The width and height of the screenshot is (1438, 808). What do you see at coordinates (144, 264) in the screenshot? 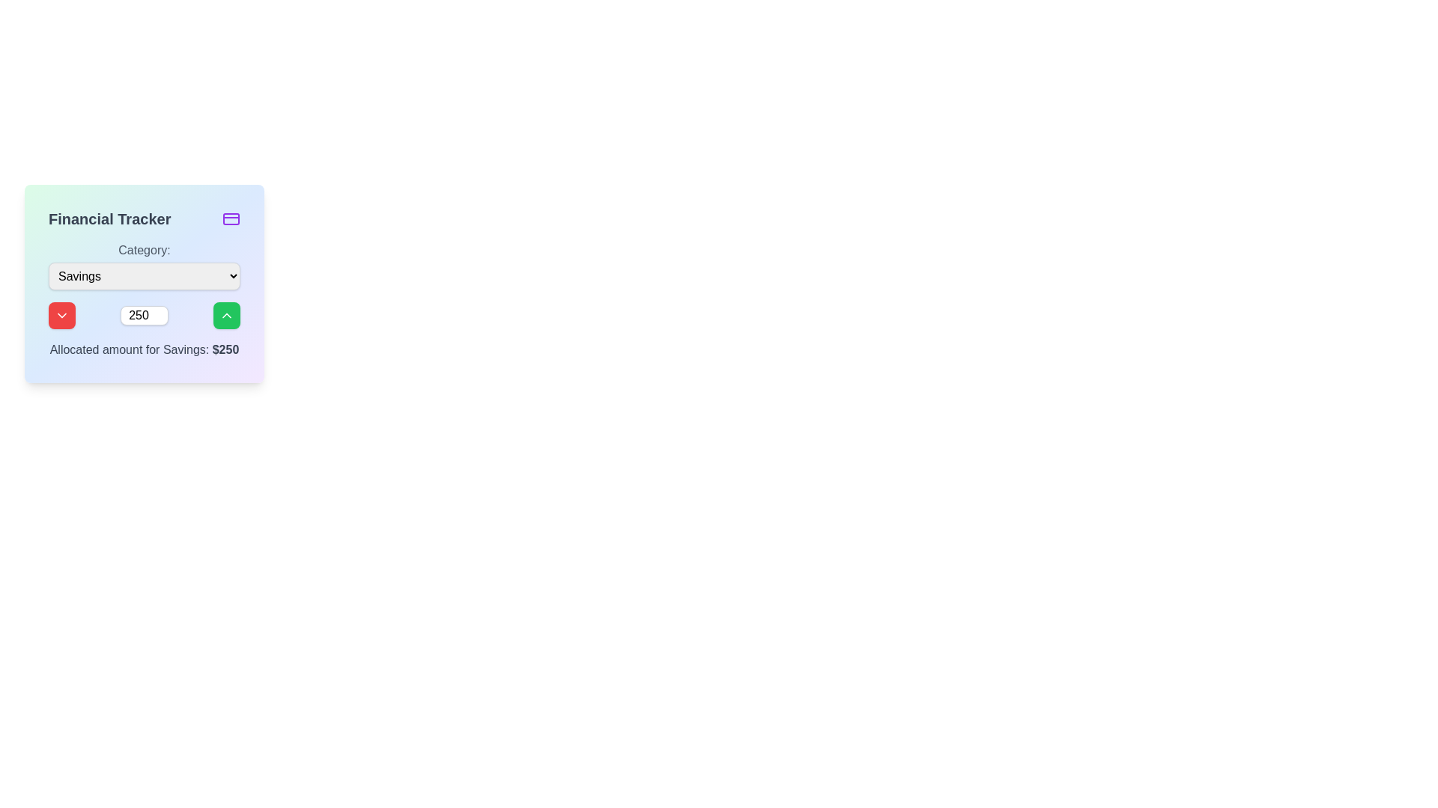
I see `an option from the dropdown menu located in the 'Financial Tracker' card interface, which allows users to choose categories like 'Savings,' 'Expenses,' and 'Investments.'` at bounding box center [144, 264].